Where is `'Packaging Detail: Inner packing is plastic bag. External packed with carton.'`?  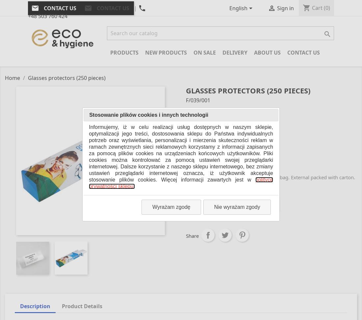
'Packaging Detail: Inner packing is plastic bag. External packed with carton.' is located at coordinates (185, 177).